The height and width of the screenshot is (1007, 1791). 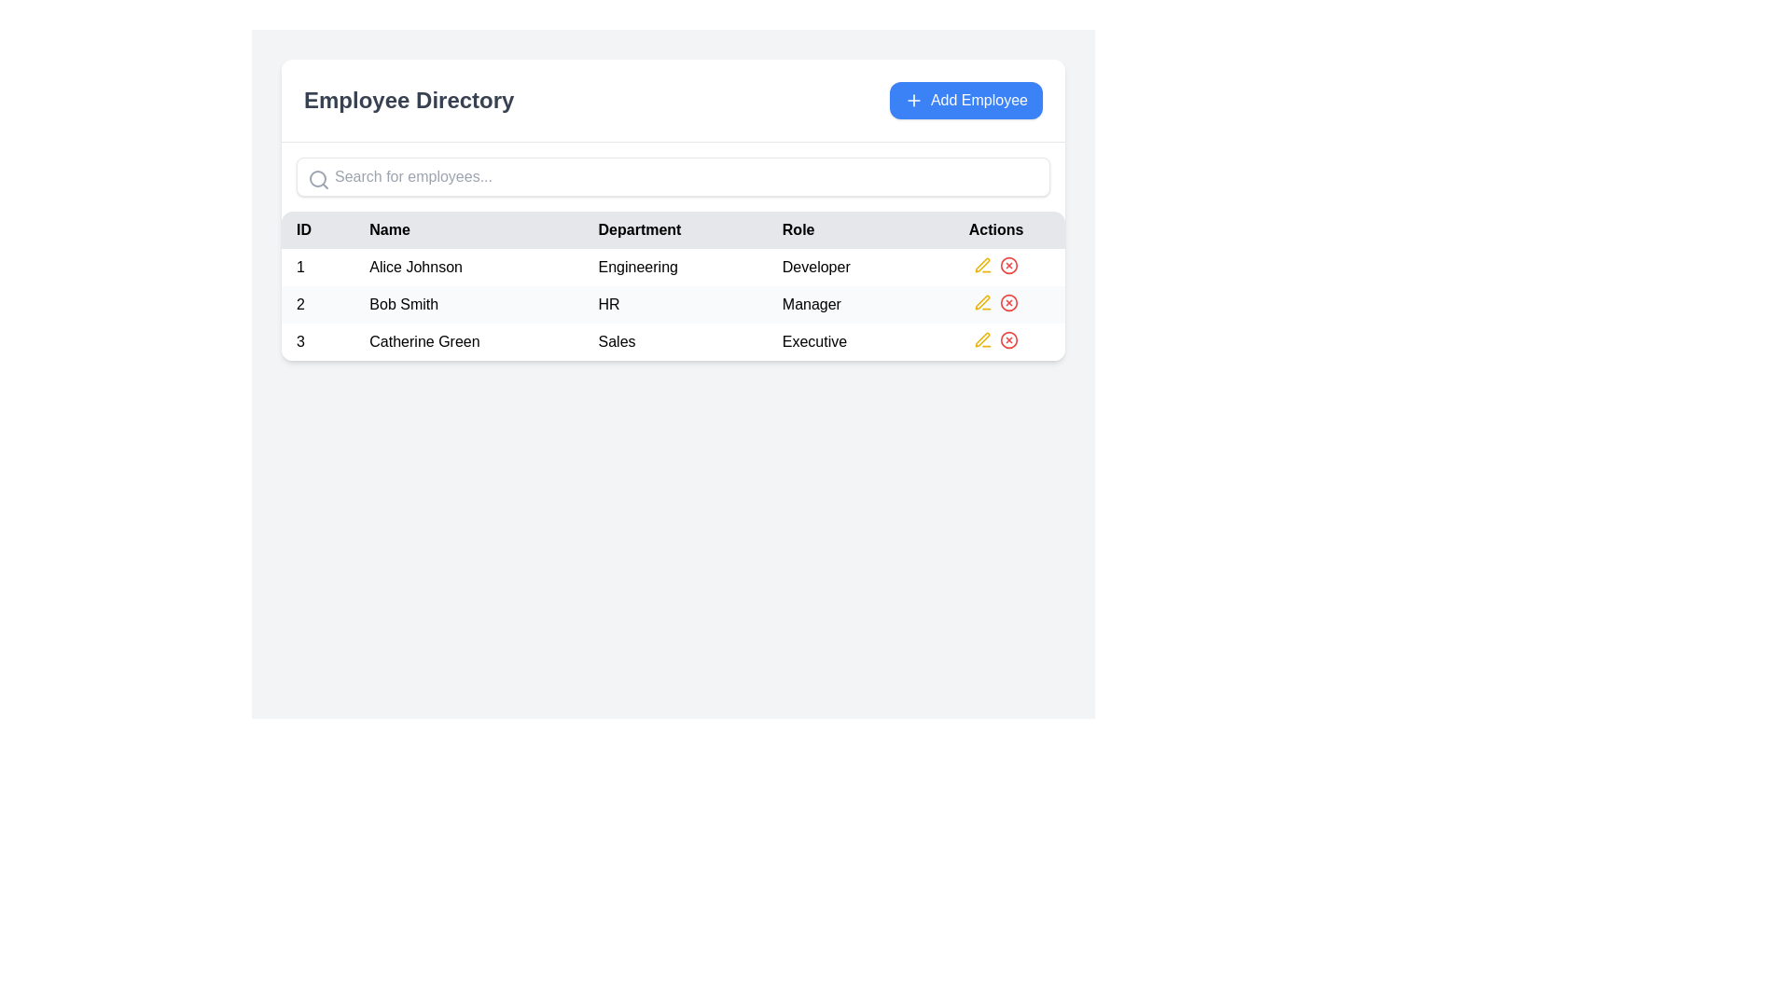 What do you see at coordinates (318, 179) in the screenshot?
I see `the search box icon located to the left of the placeholder text 'Search for employees...'` at bounding box center [318, 179].